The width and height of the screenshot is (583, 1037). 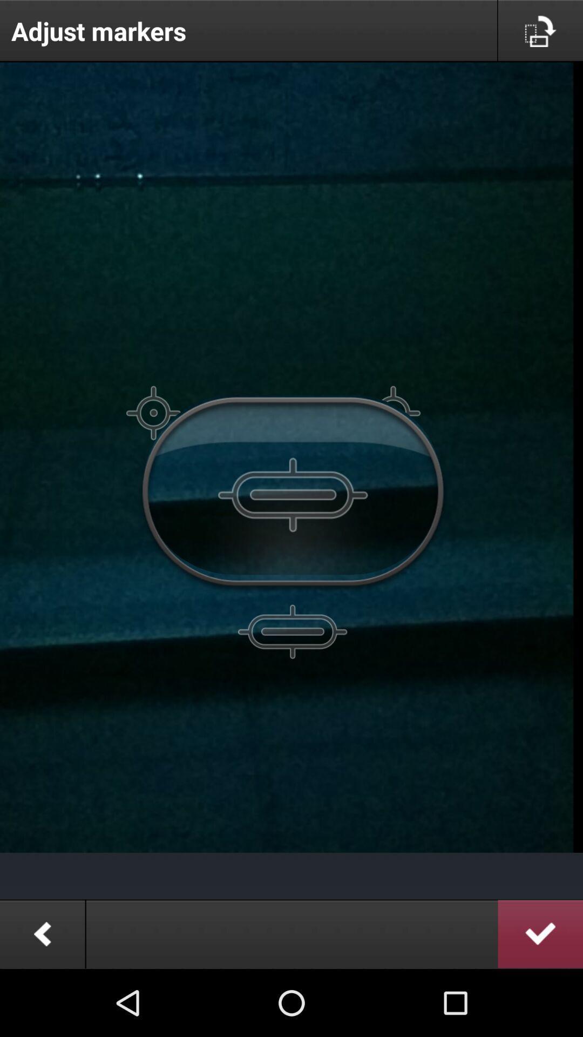 What do you see at coordinates (42, 999) in the screenshot?
I see `the arrow_backward icon` at bounding box center [42, 999].